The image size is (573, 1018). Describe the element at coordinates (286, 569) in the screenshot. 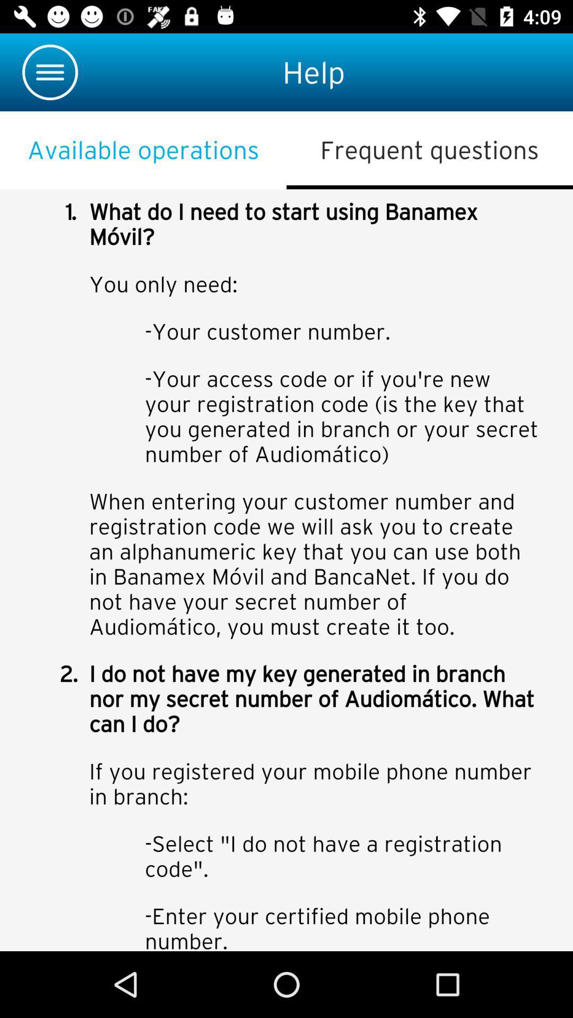

I see `colour pinter` at that location.